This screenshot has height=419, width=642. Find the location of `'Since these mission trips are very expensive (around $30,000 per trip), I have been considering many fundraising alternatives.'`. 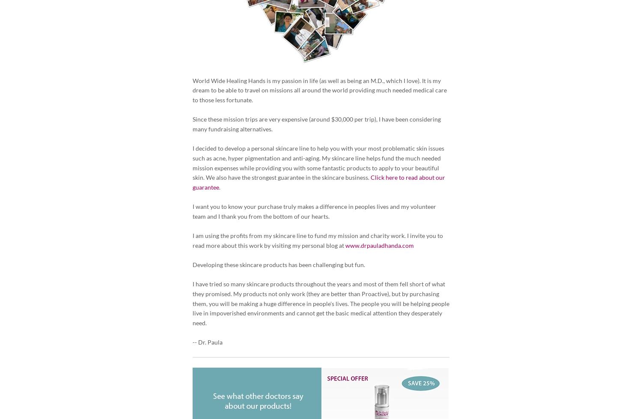

'Since these mission trips are very expensive (around $30,000 per trip), I have been considering many fundraising alternatives.' is located at coordinates (316, 124).